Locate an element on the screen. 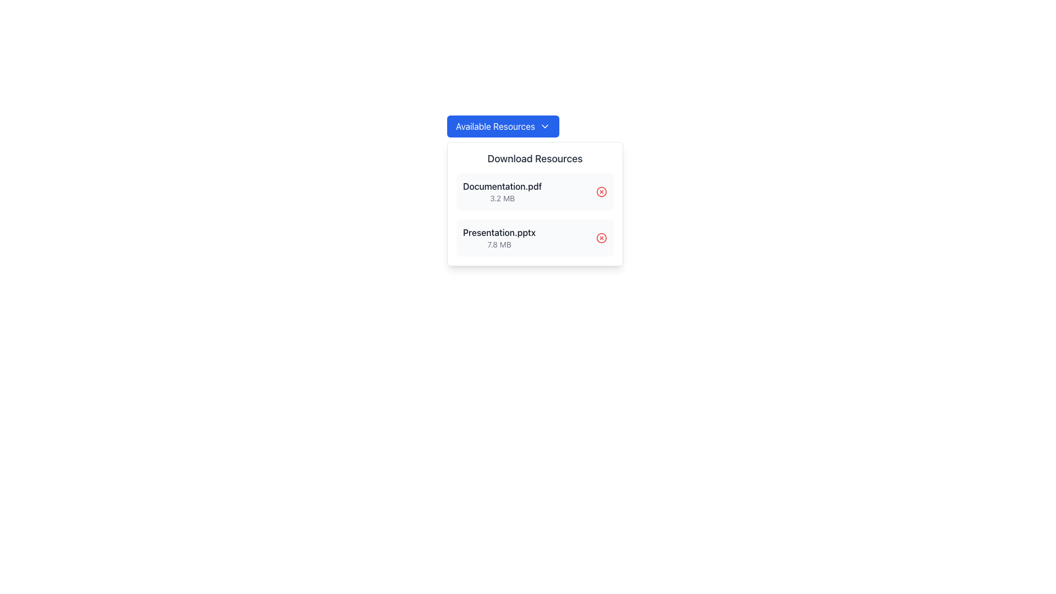 Image resolution: width=1056 pixels, height=594 pixels. the text label displaying the filename 'Documentation.pdf' located in the 'Download Resources' section, positioned above the size information of '3.2 MB' is located at coordinates (502, 186).